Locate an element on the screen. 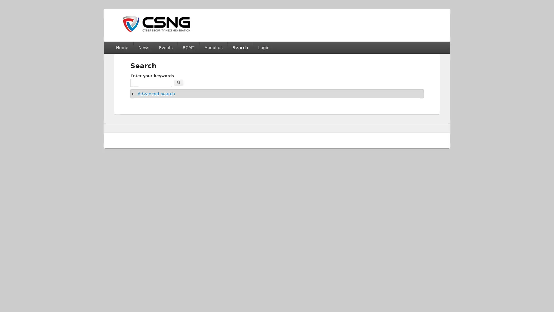 Image resolution: width=554 pixels, height=312 pixels. Search is located at coordinates (178, 82).